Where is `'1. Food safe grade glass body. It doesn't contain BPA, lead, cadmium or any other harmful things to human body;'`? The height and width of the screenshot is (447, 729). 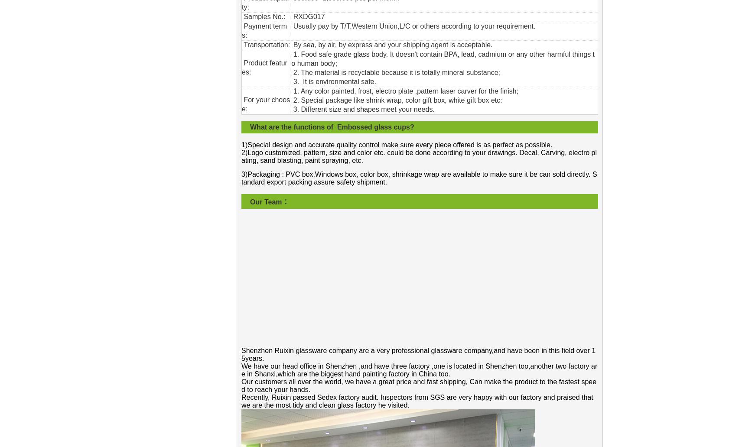 '1. Food safe grade glass body. It doesn't contain BPA, lead, cadmium or any other harmful things to human body;' is located at coordinates (442, 58).